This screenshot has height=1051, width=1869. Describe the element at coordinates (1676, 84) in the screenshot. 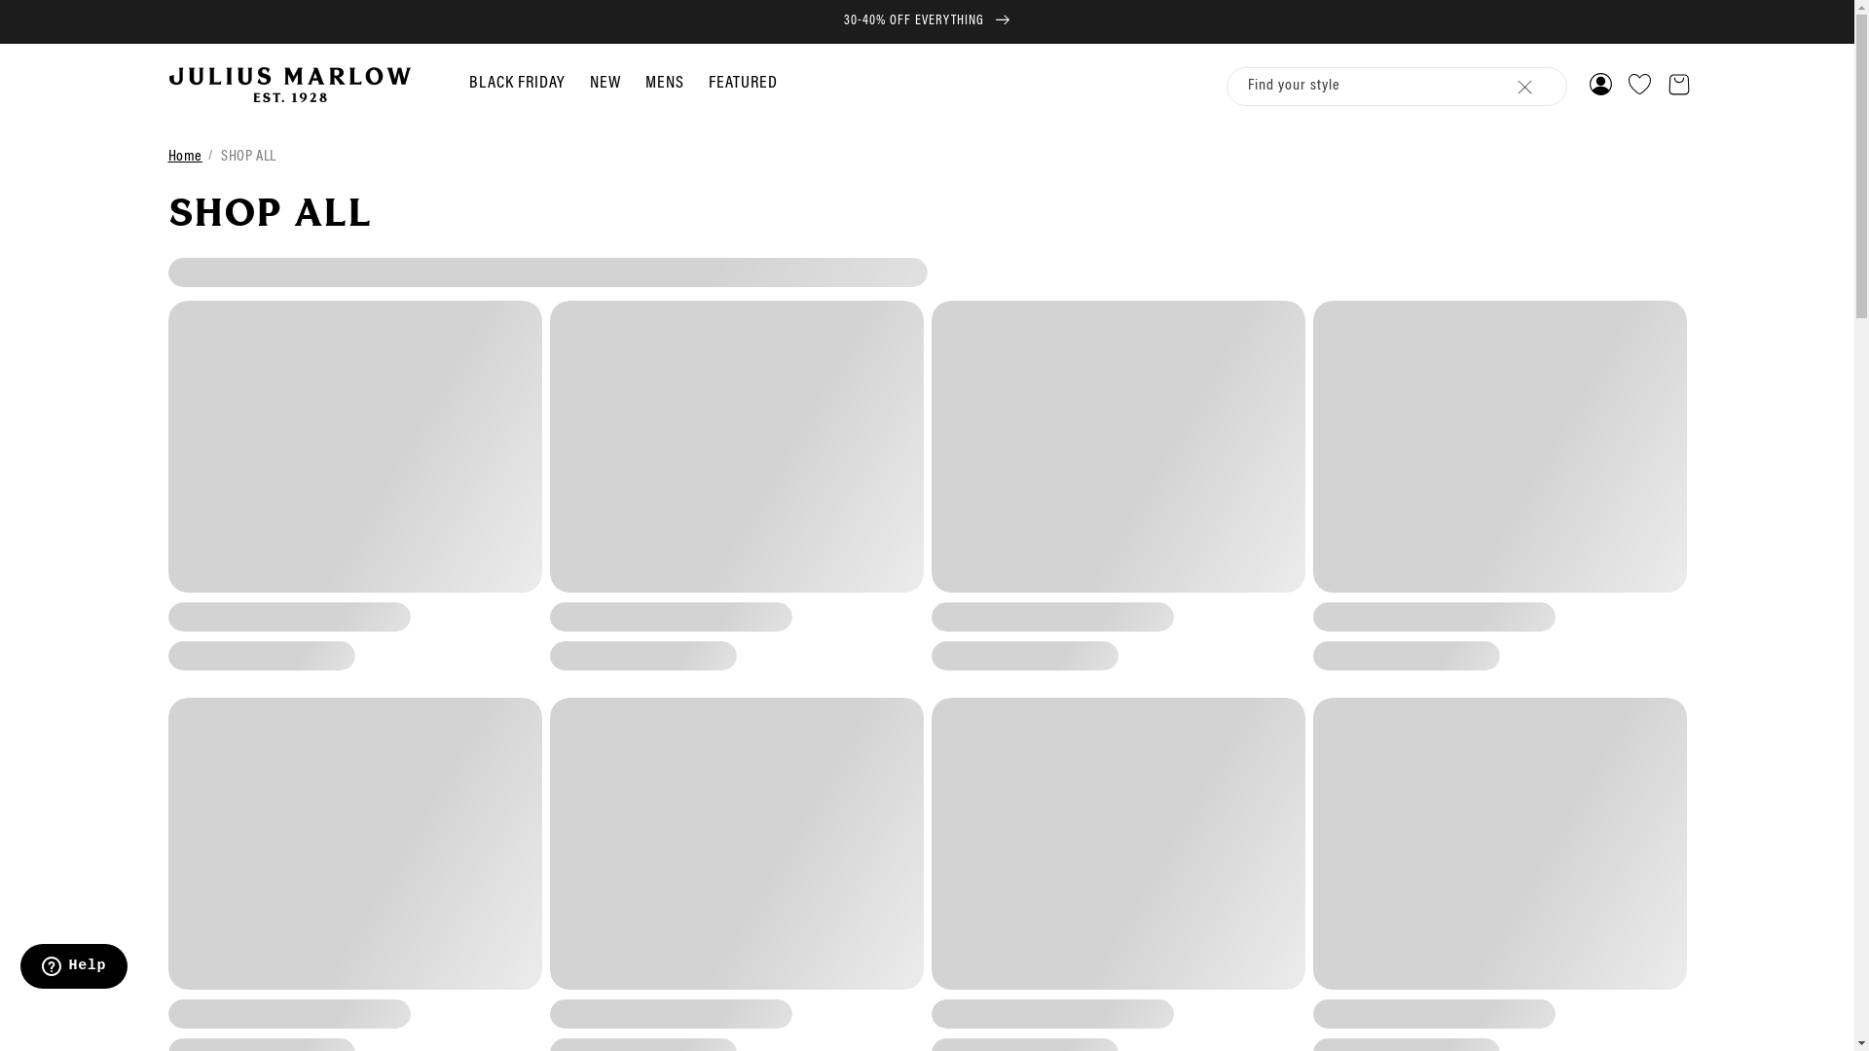

I see `'Cart'` at that location.